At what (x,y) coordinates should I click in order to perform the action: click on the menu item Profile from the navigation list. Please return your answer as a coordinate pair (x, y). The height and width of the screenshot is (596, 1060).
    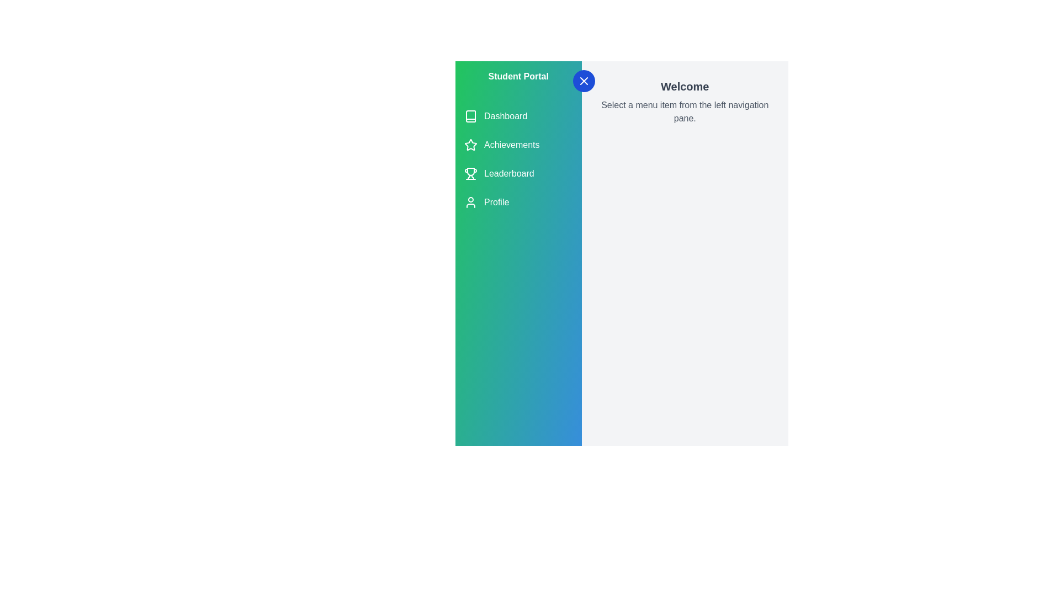
    Looking at the image, I should click on (518, 202).